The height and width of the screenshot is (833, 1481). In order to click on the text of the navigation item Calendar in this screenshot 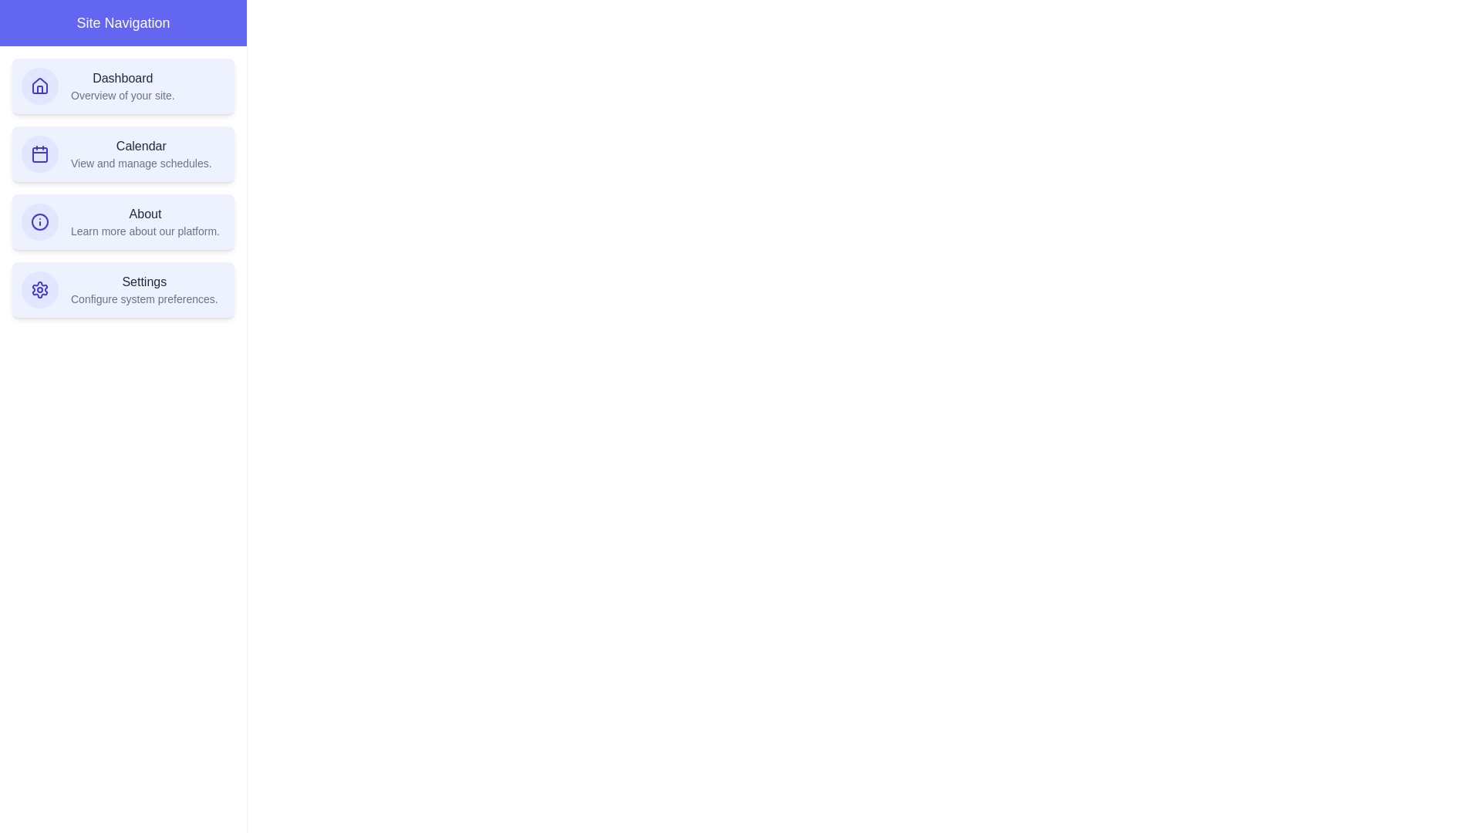, I will do `click(140, 146)`.